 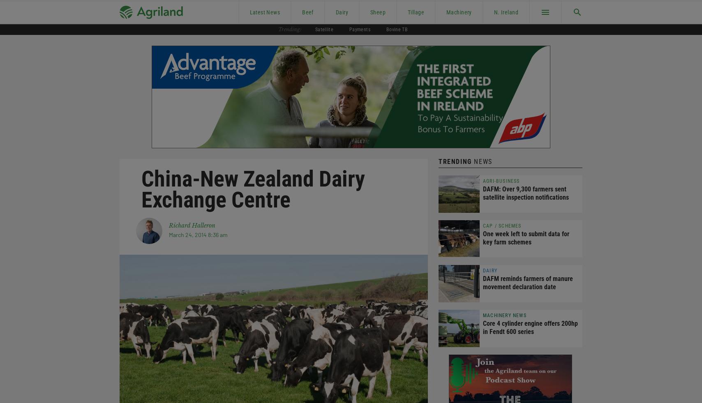 I want to click on 'Bovine TB', so click(x=397, y=29).